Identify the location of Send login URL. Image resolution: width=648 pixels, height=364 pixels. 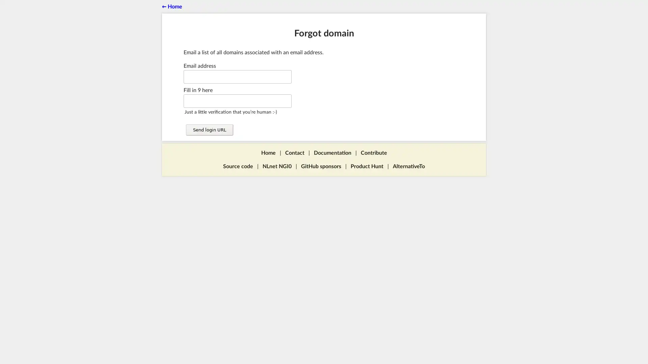
(209, 130).